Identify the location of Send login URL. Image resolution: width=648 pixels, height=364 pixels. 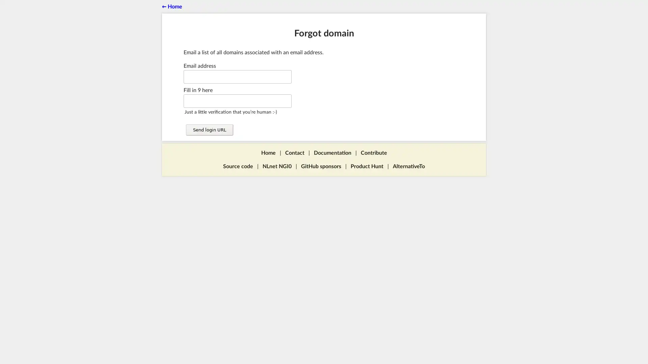
(209, 130).